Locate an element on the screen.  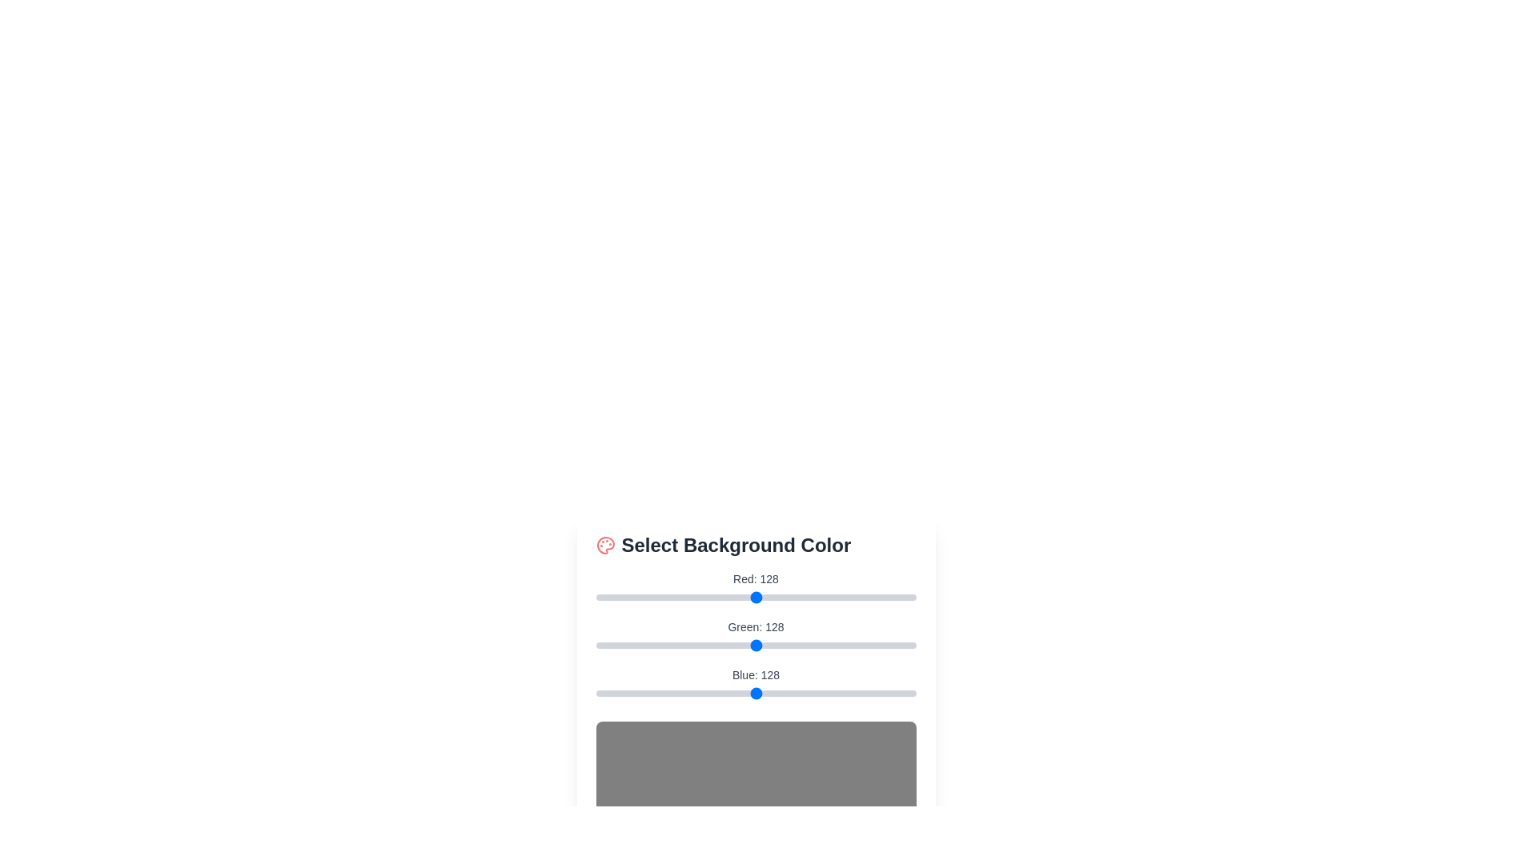
the green color slider to set the green component to 65 is located at coordinates (677, 644).